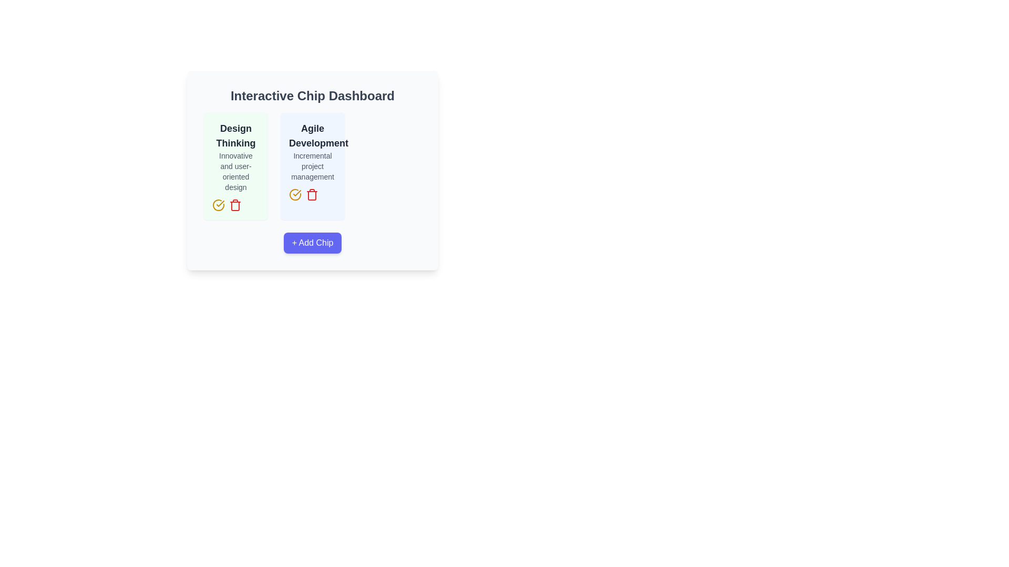 Image resolution: width=1009 pixels, height=567 pixels. I want to click on the red trash bin icon button located at the bottom-right corner of the 'Agile Development' card, so click(312, 194).